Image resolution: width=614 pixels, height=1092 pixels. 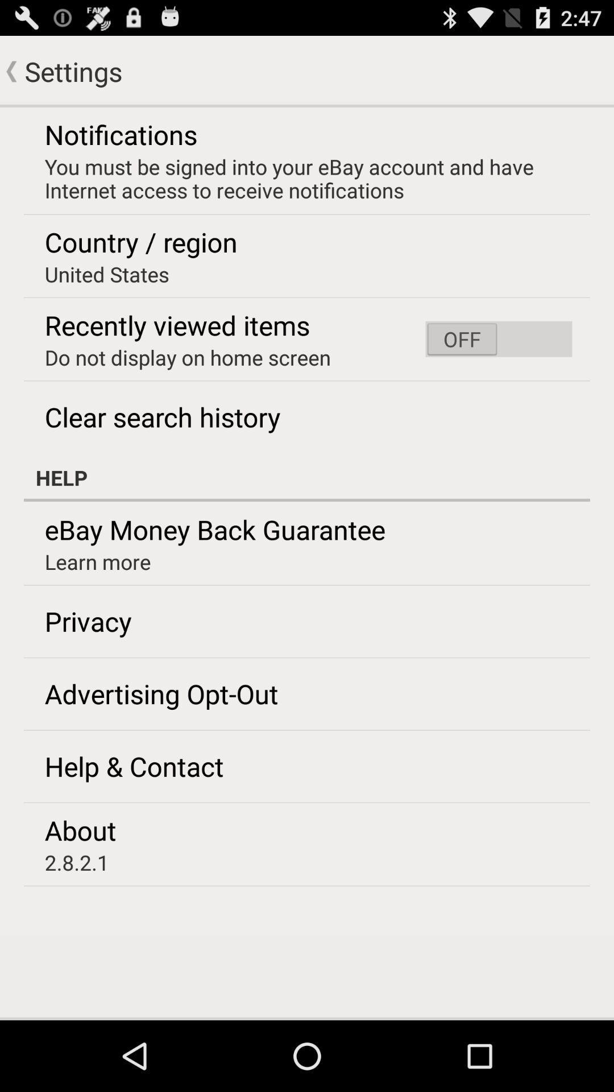 What do you see at coordinates (215, 529) in the screenshot?
I see `the icon below help` at bounding box center [215, 529].